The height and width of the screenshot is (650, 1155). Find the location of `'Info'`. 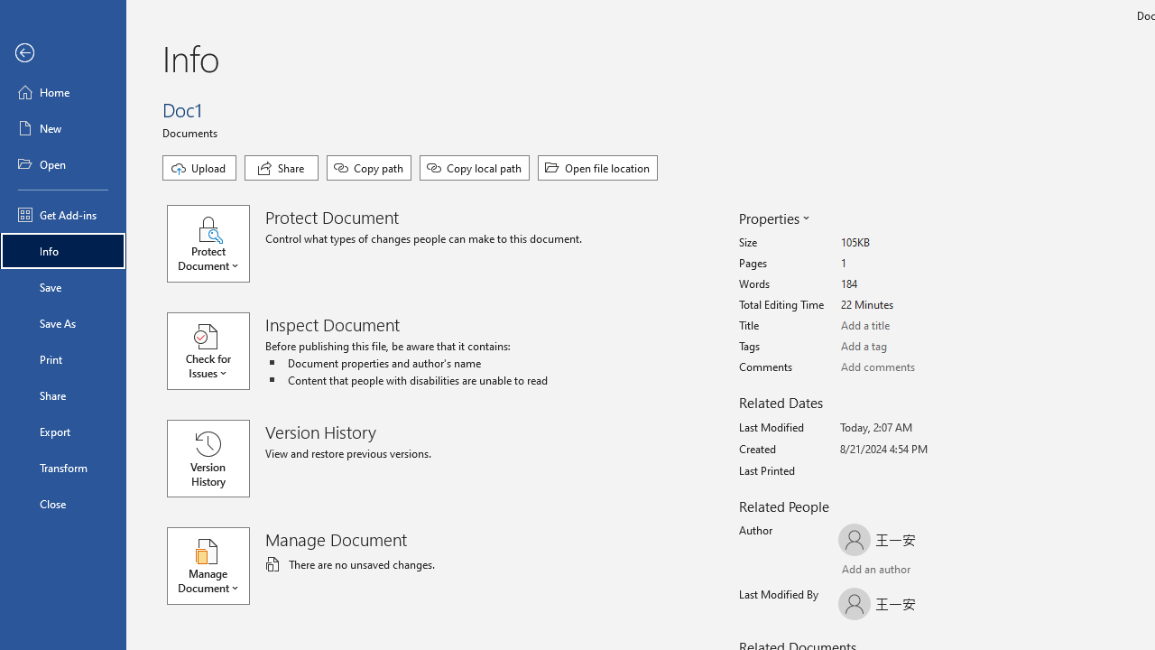

'Info' is located at coordinates (62, 250).